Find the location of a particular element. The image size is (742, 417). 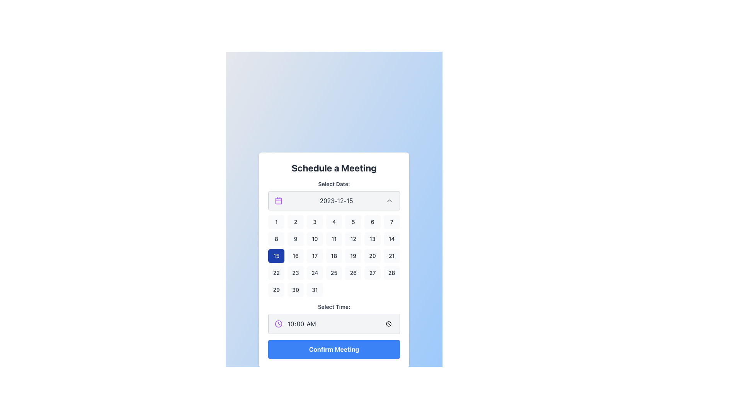

the selectable day button '3' in the calendar interface is located at coordinates (315, 222).